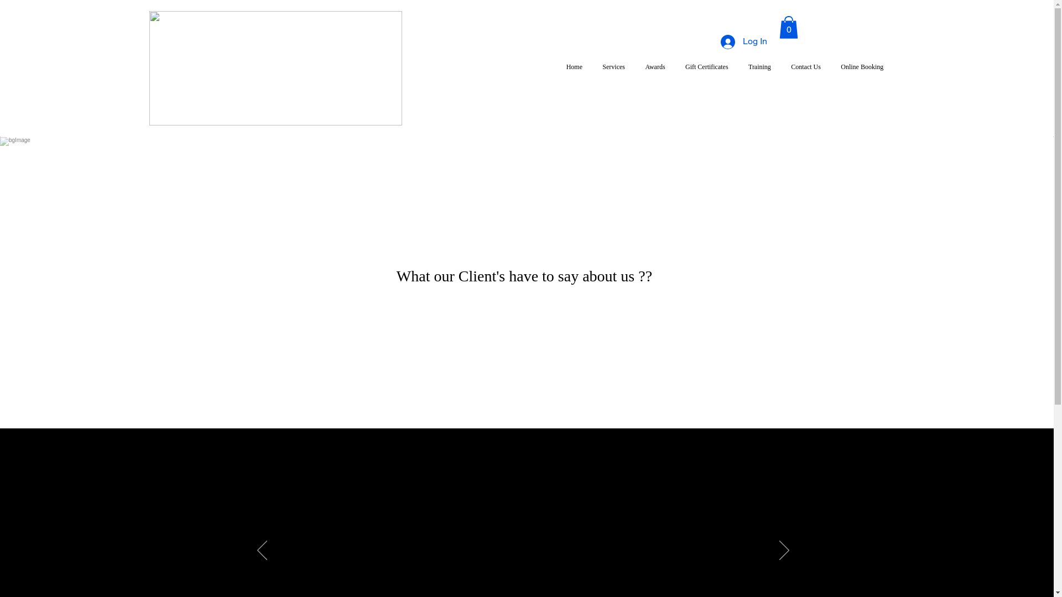 Image resolution: width=1062 pixels, height=597 pixels. I want to click on 'Awards', so click(655, 66).